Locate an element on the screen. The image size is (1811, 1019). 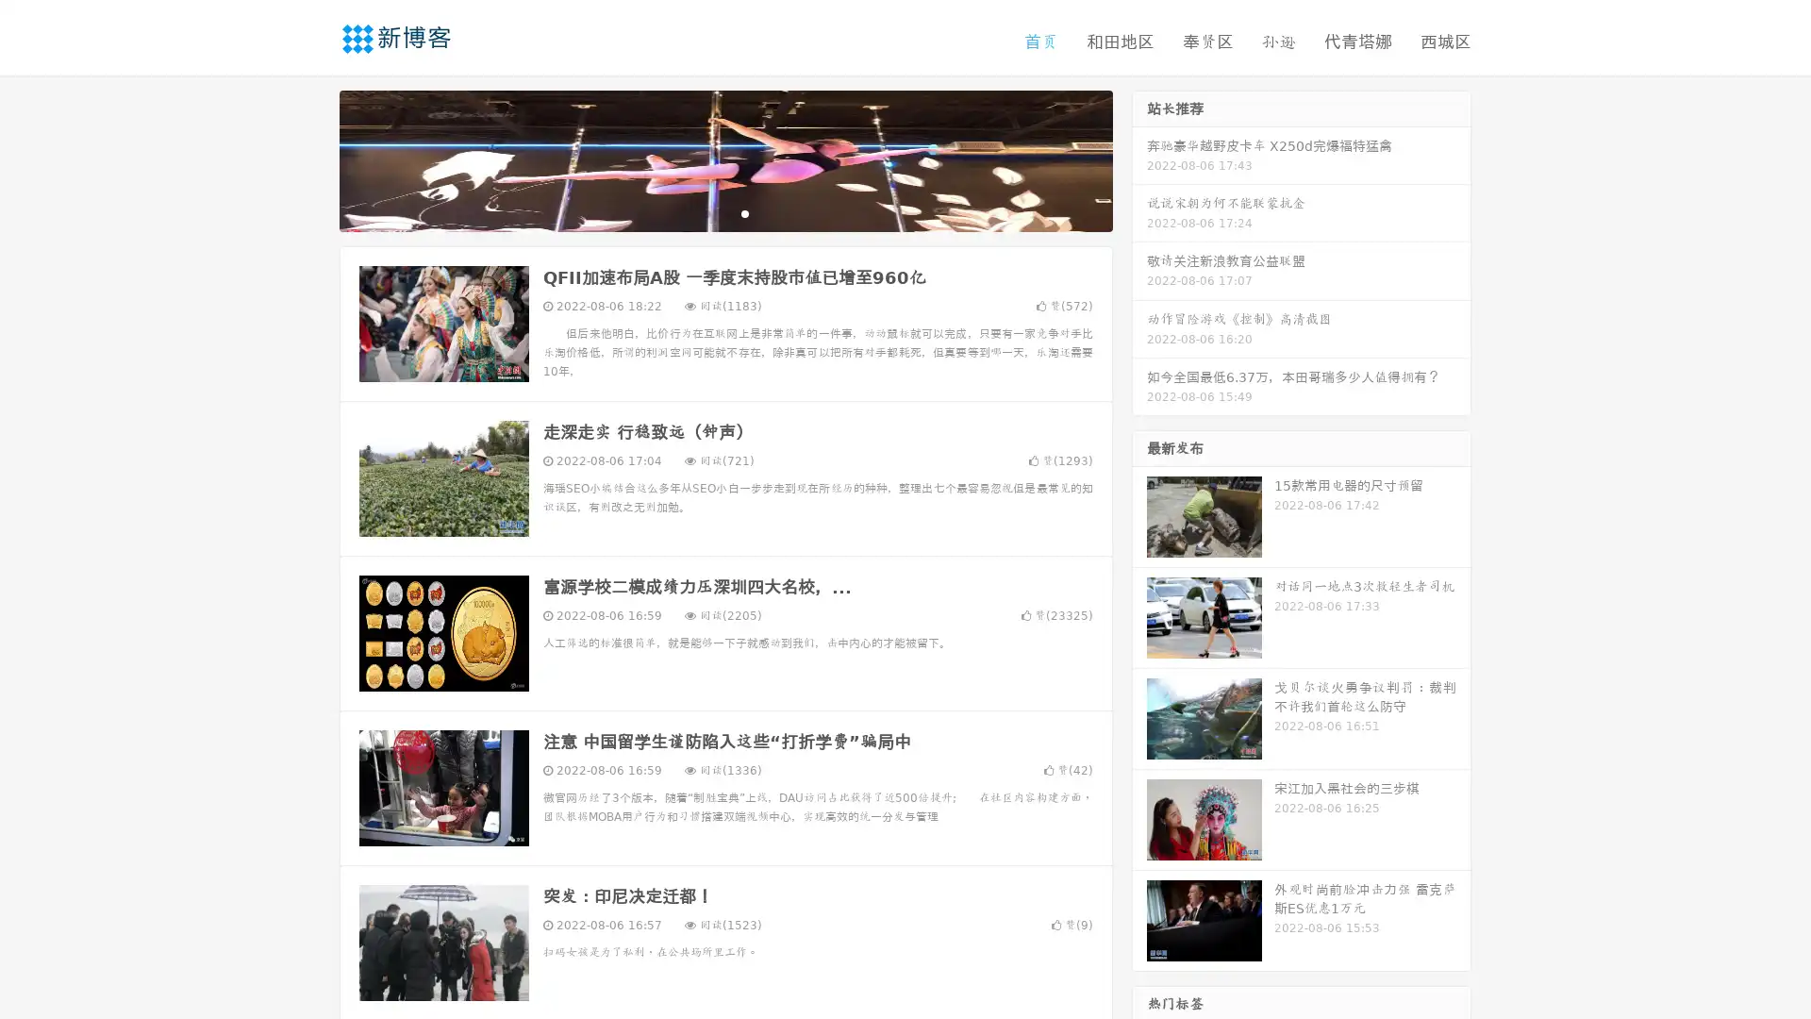
Go to slide 3 is located at coordinates (744, 212).